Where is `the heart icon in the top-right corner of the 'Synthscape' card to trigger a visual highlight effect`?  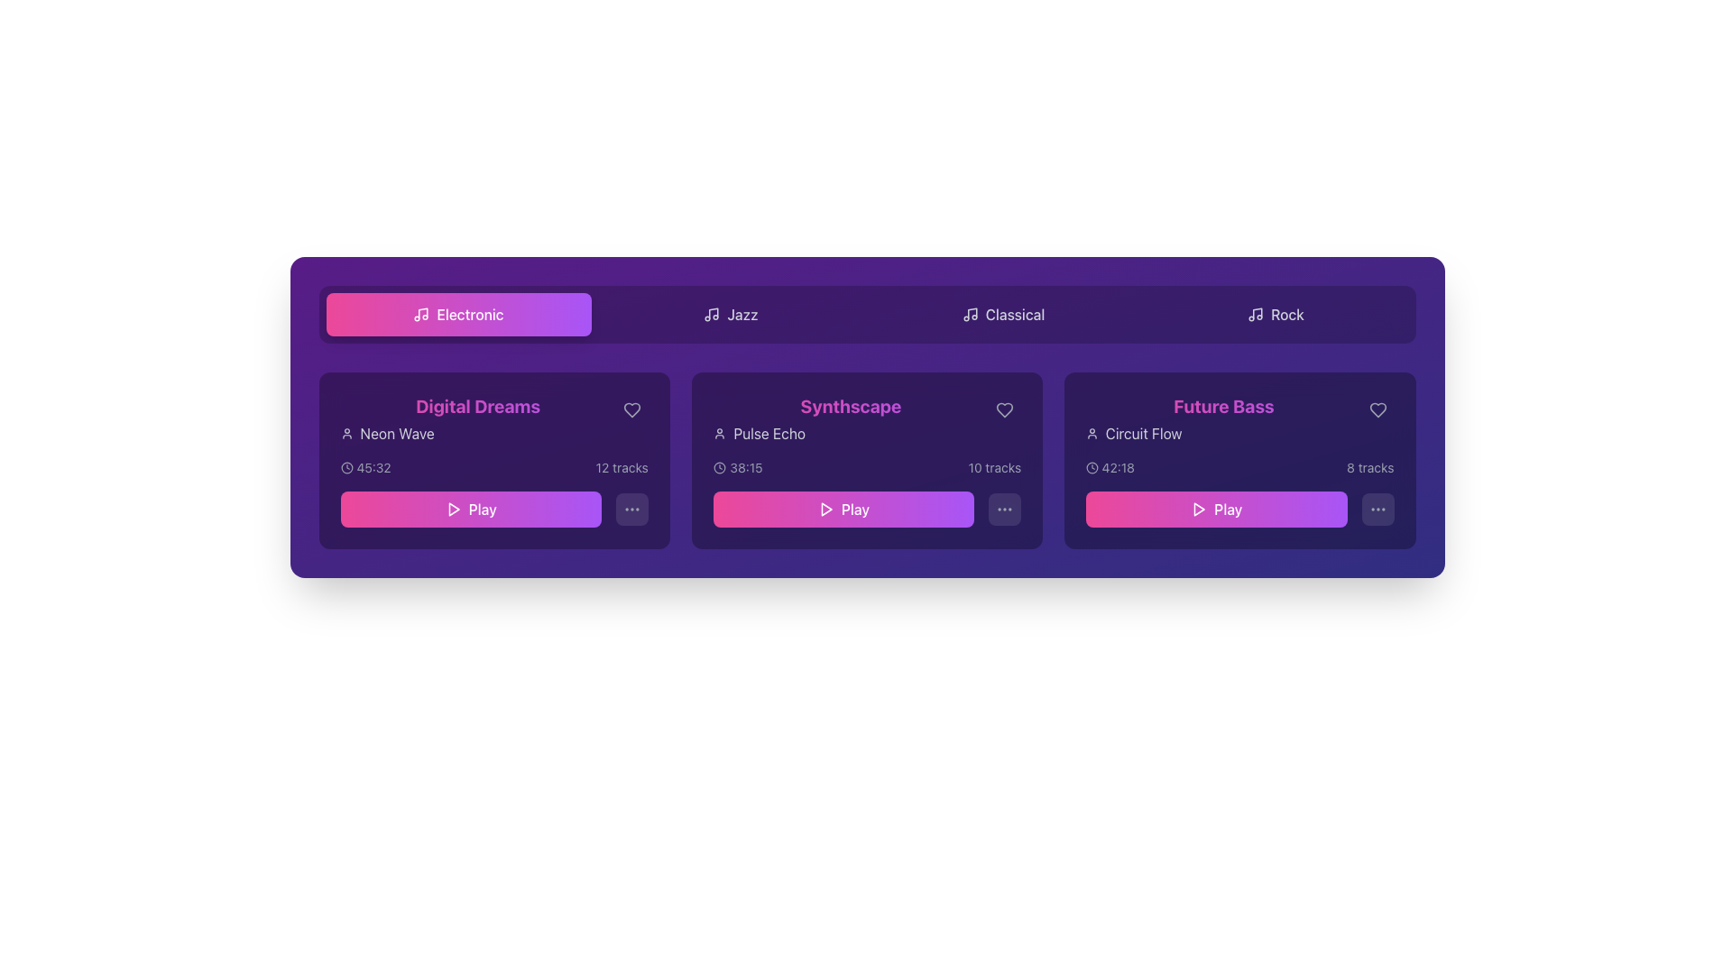 the heart icon in the top-right corner of the 'Synthscape' card to trigger a visual highlight effect is located at coordinates (1004, 410).